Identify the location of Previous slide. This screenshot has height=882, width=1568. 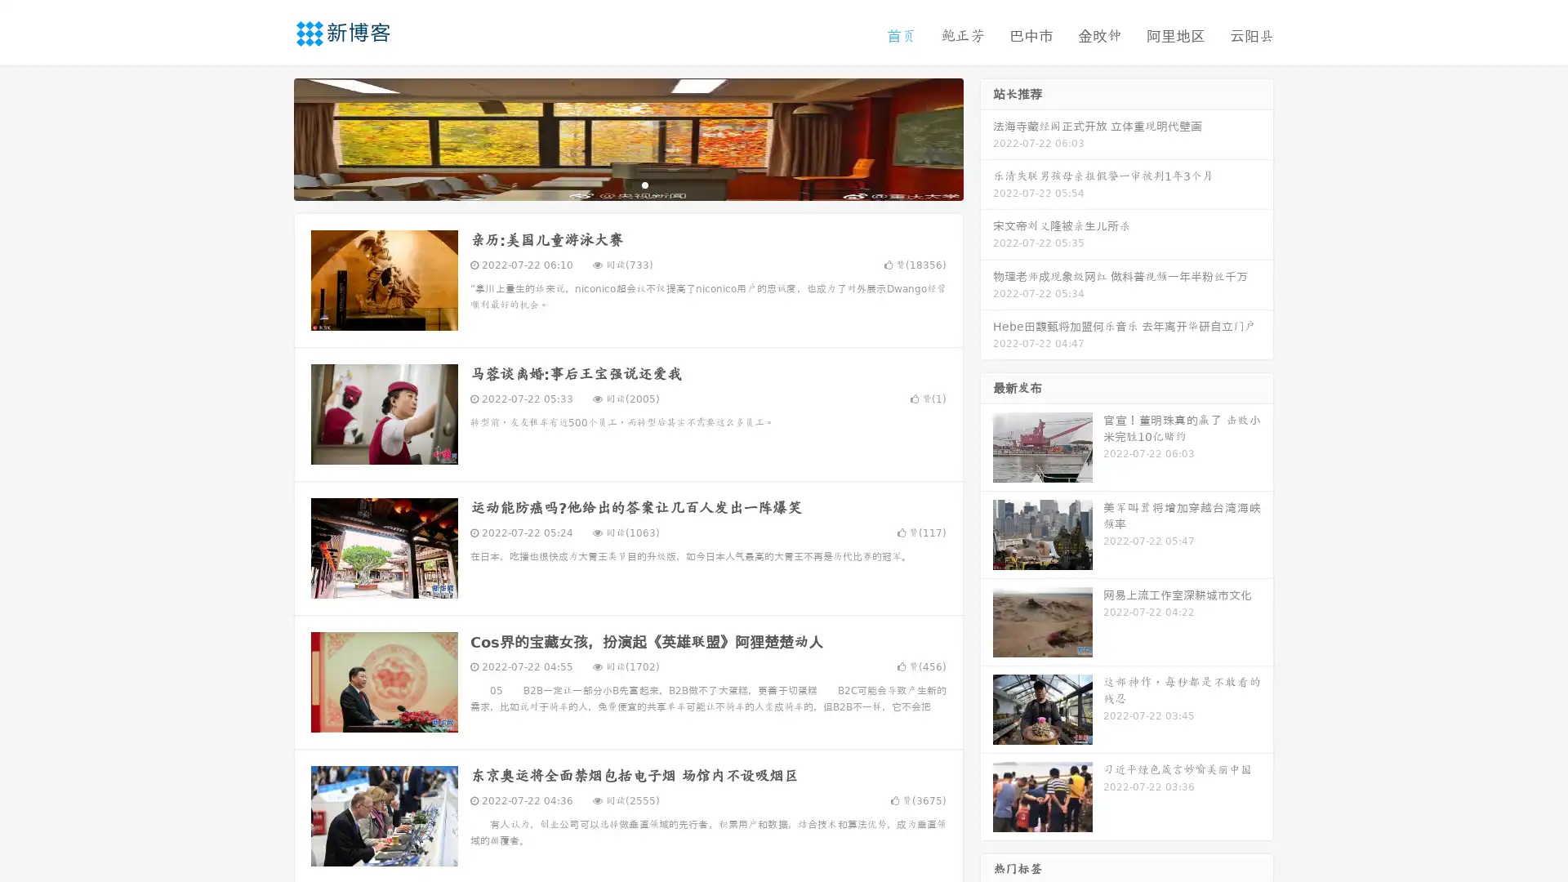
(269, 137).